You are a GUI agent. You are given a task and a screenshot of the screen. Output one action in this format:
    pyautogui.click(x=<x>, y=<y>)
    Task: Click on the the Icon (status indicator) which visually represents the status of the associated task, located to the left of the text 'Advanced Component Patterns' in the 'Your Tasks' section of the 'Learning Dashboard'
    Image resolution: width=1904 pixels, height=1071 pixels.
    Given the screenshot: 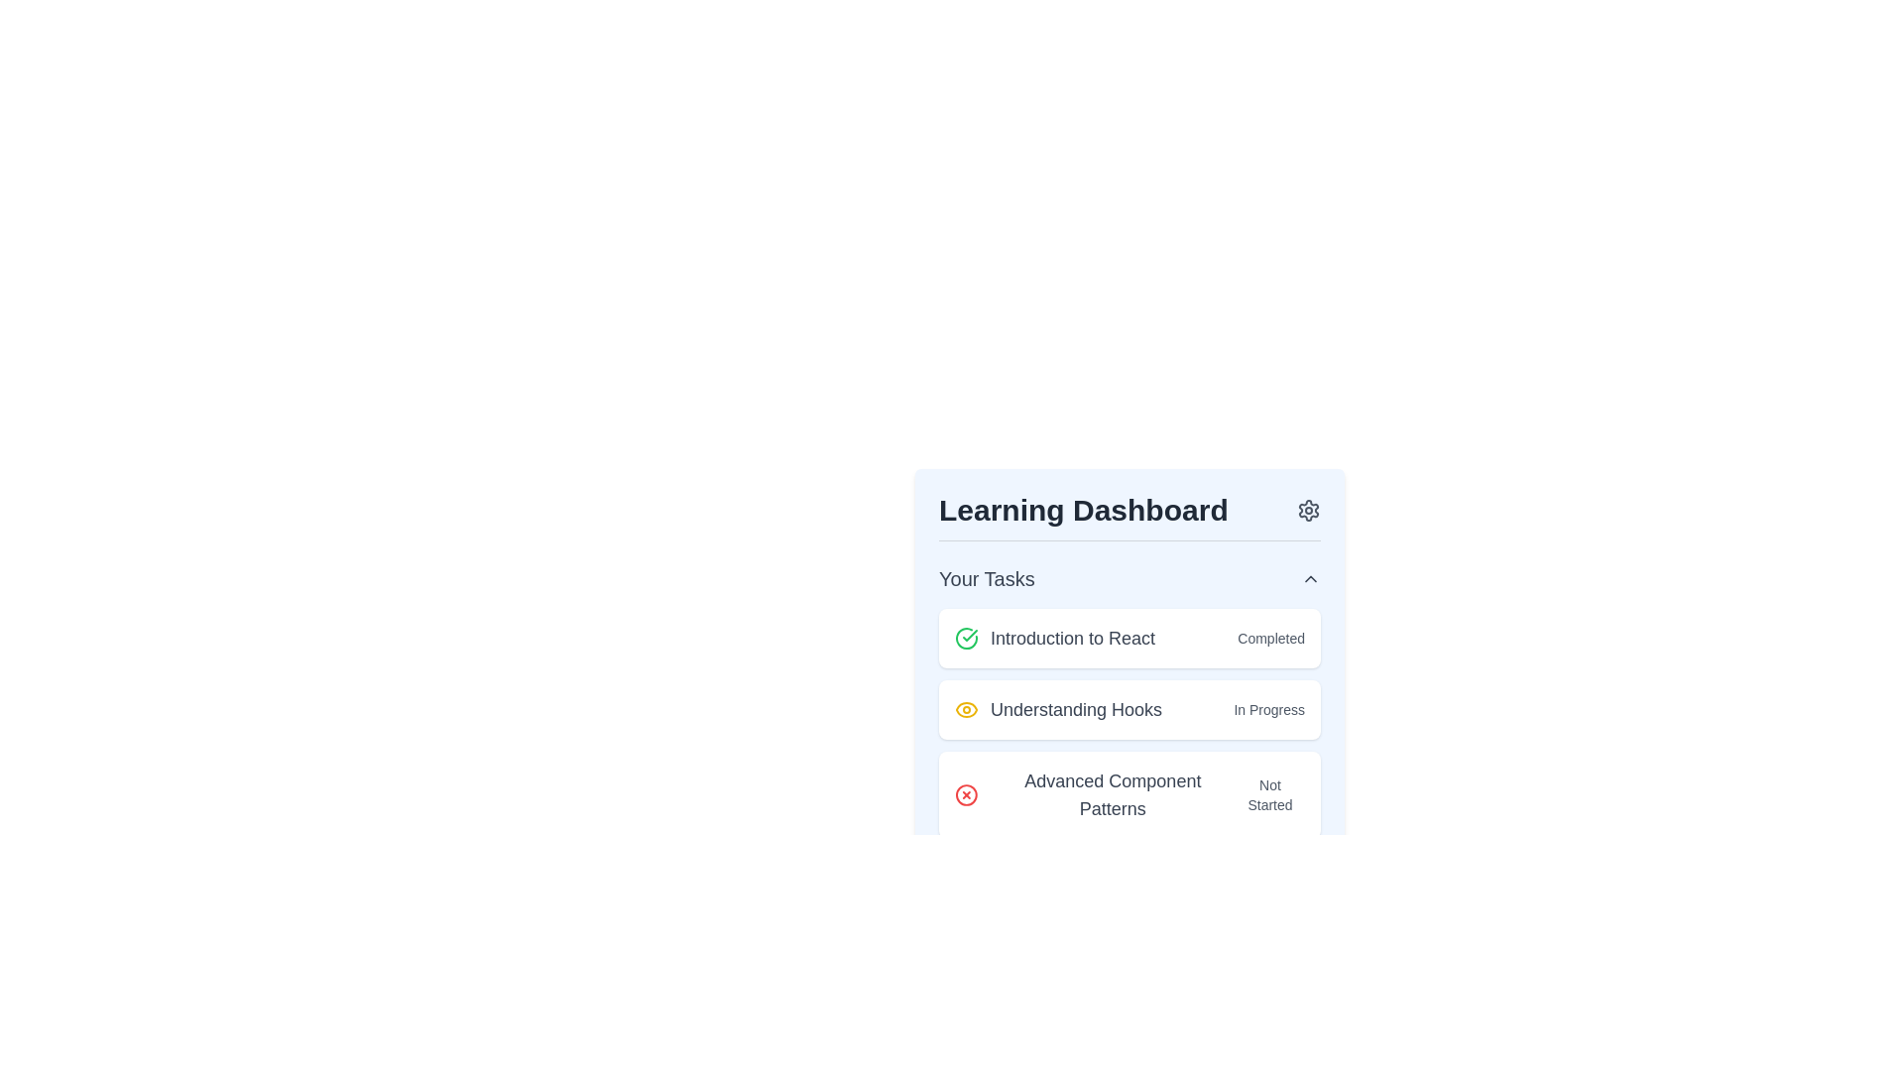 What is the action you would take?
    pyautogui.click(x=966, y=794)
    